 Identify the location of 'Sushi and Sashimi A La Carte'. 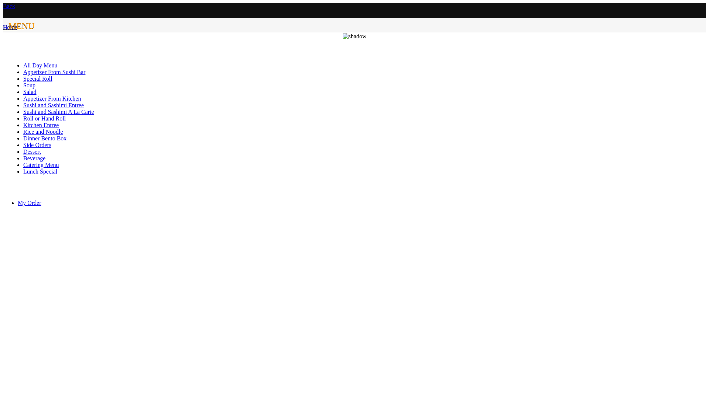
(58, 112).